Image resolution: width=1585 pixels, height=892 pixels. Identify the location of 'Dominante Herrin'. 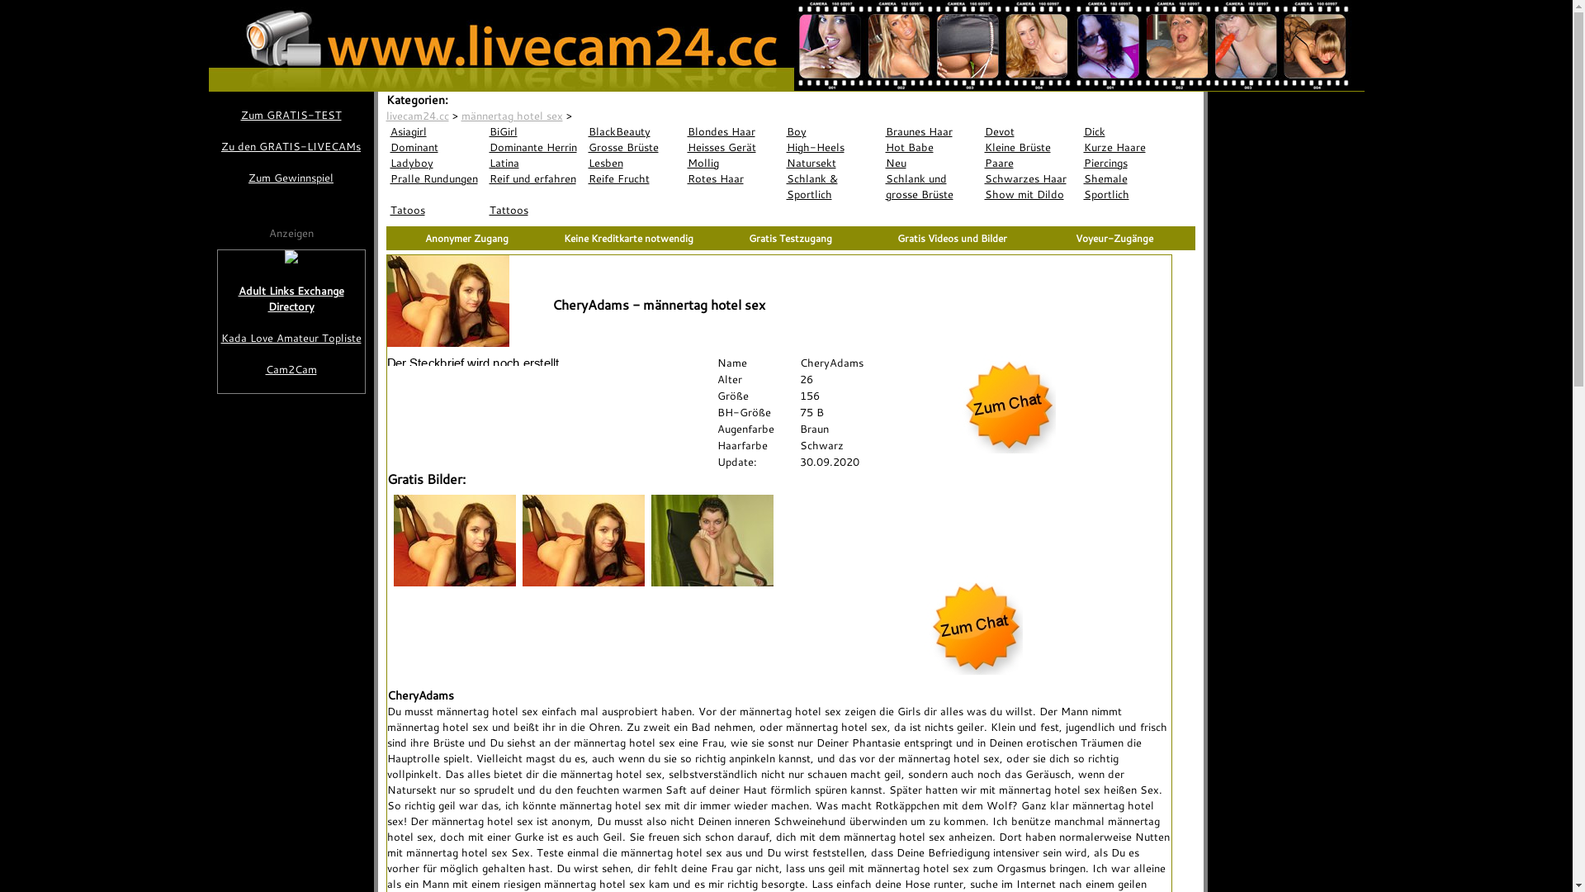
(485, 146).